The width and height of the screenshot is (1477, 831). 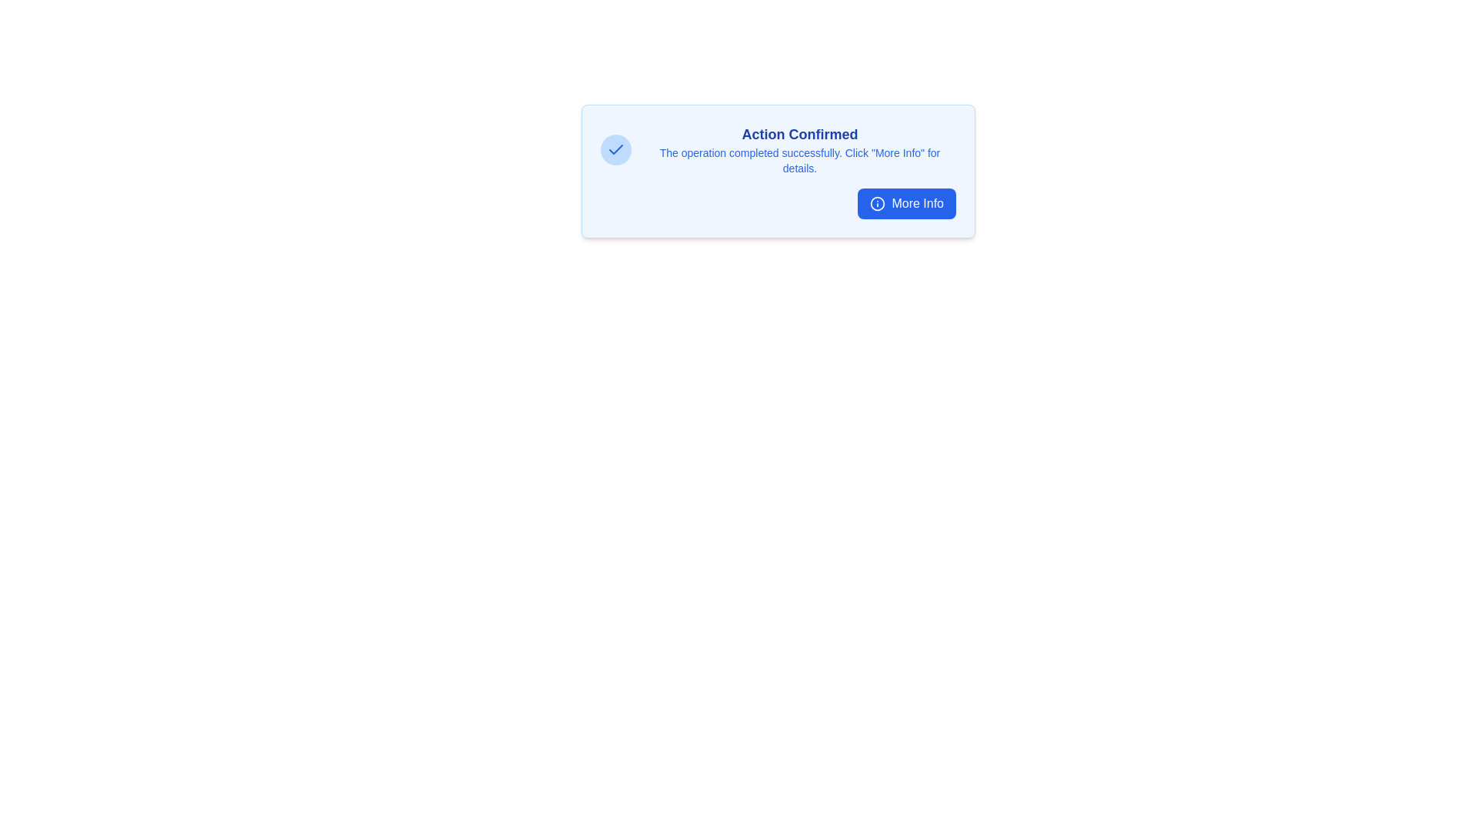 What do you see at coordinates (616, 150) in the screenshot?
I see `the check icon in the StylishAlert component` at bounding box center [616, 150].